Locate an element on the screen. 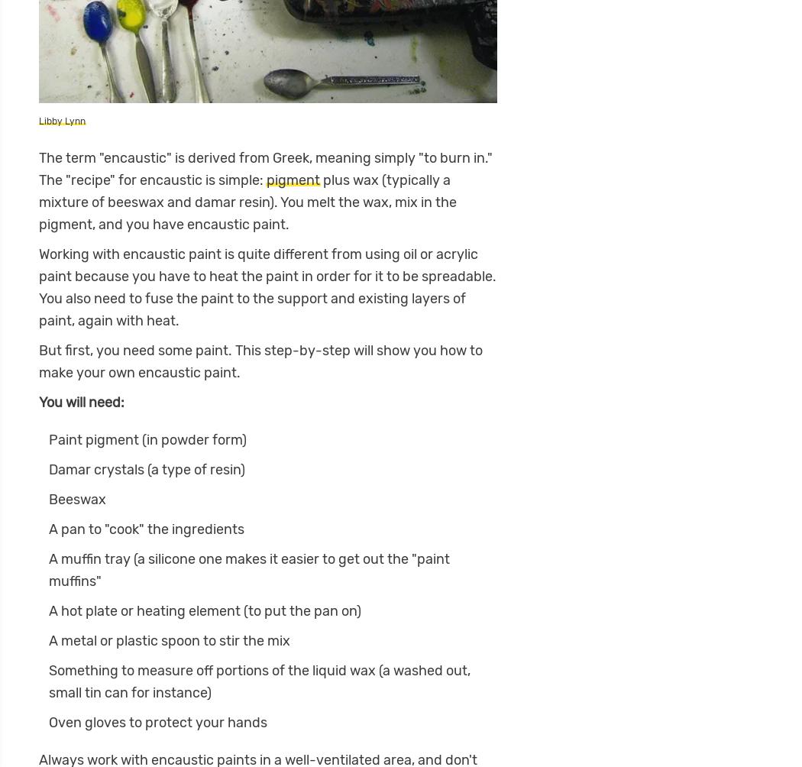 The height and width of the screenshot is (767, 802). 'A hot plate or heating element (to put the pan on)' is located at coordinates (203, 610).